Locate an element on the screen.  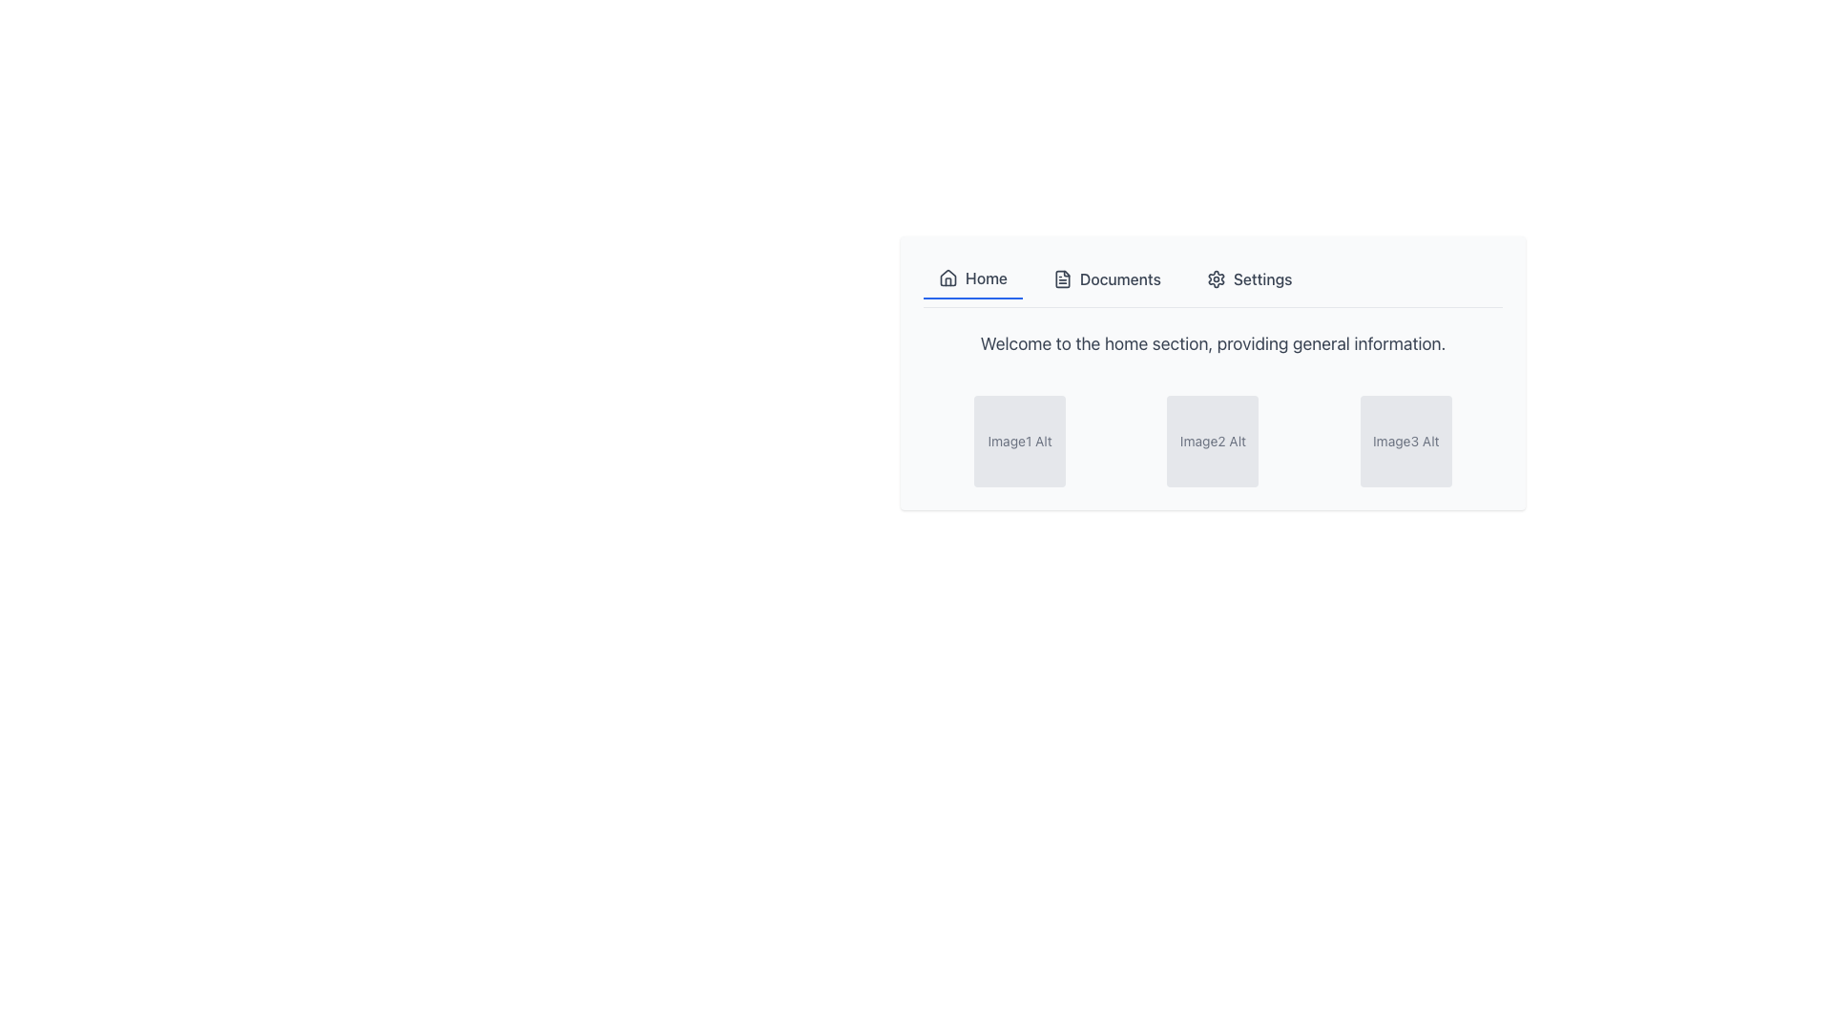
the 'Home' label associated with the house icon located in the top navigation bar is located at coordinates (947, 277).